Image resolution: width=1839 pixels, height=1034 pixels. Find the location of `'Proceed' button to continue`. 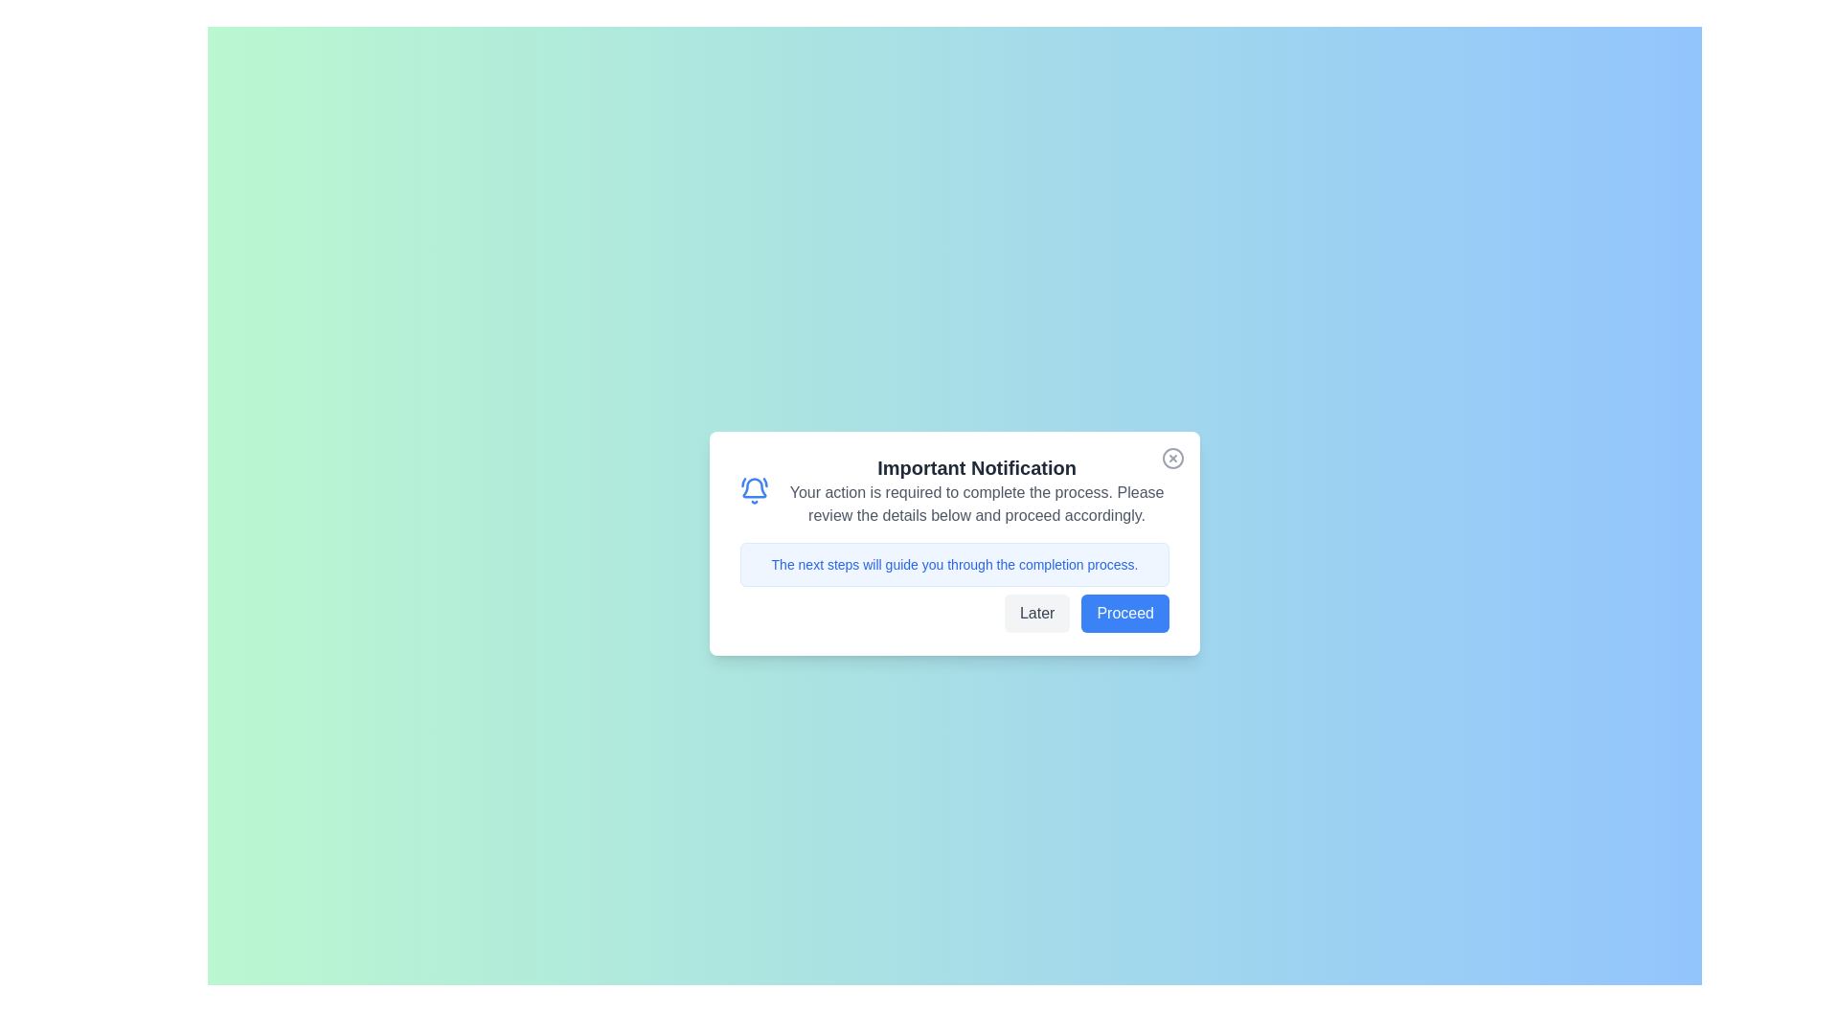

'Proceed' button to continue is located at coordinates (1125, 613).